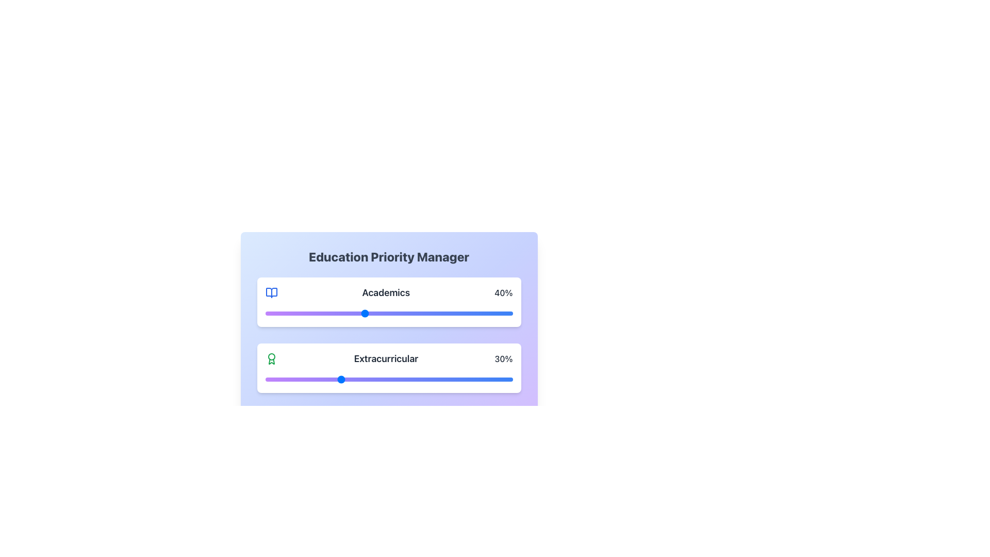 The width and height of the screenshot is (990, 557). Describe the element at coordinates (329, 380) in the screenshot. I see `'Extracurricular' value` at that location.